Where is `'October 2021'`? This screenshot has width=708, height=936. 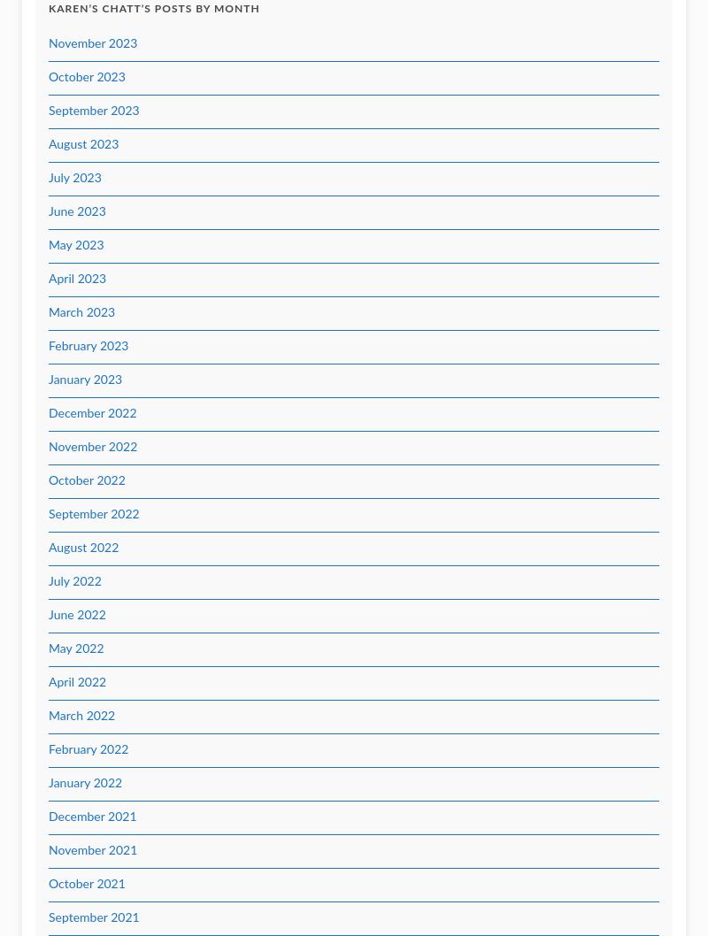 'October 2021' is located at coordinates (87, 884).